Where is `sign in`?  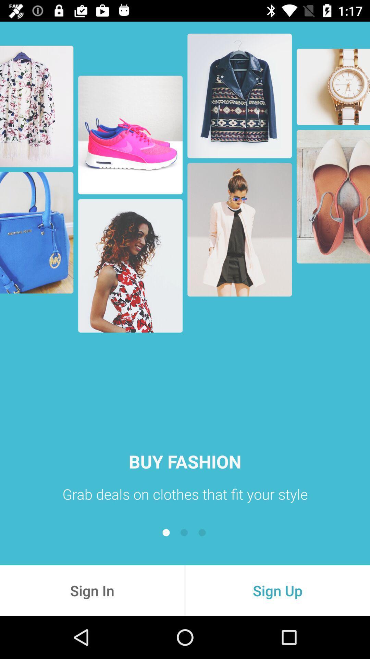 sign in is located at coordinates (92, 590).